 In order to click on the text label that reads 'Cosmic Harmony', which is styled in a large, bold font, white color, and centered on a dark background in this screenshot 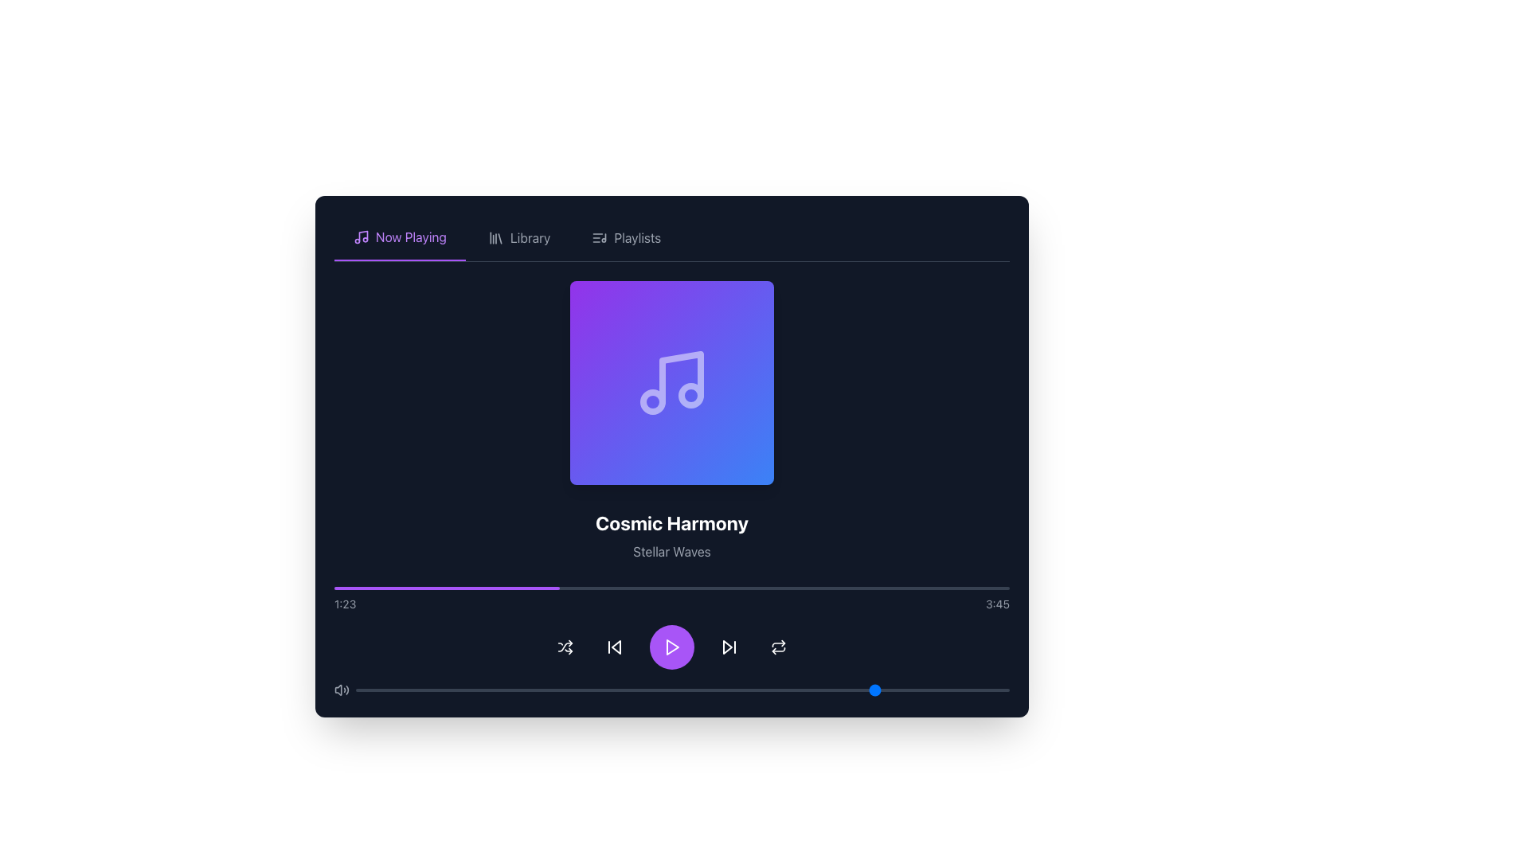, I will do `click(672, 522)`.